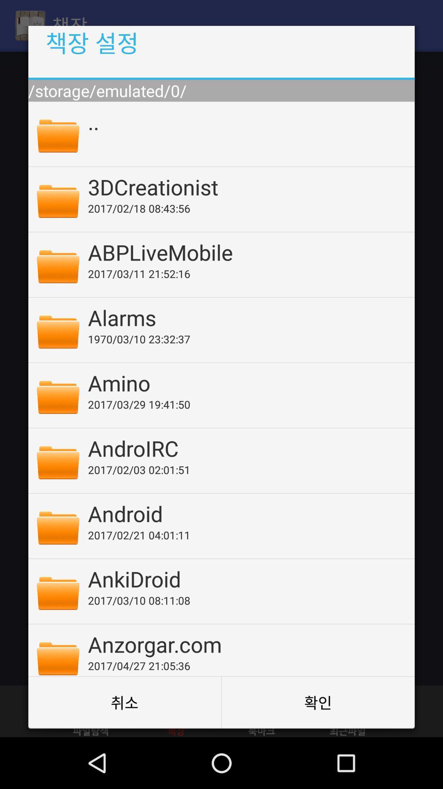 The height and width of the screenshot is (789, 443). What do you see at coordinates (245, 382) in the screenshot?
I see `the amino item` at bounding box center [245, 382].